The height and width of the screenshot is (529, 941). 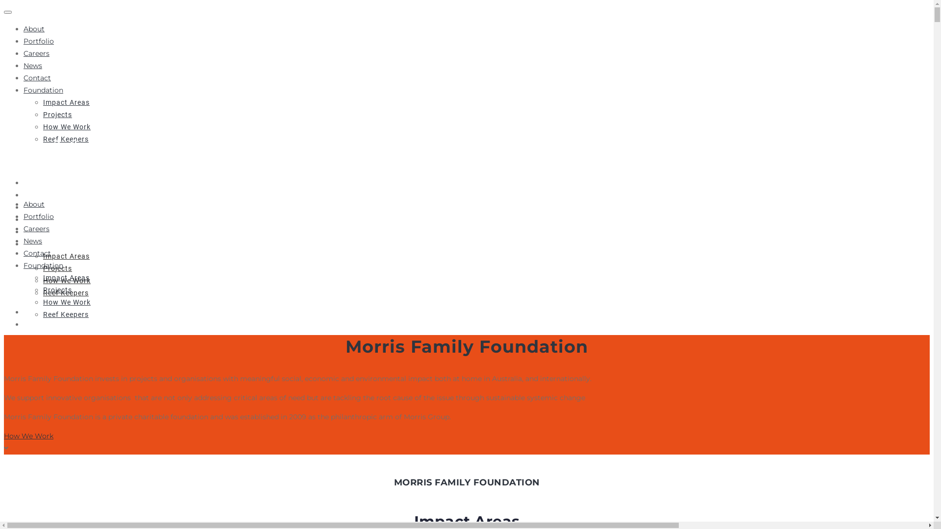 What do you see at coordinates (66, 126) in the screenshot?
I see `'How We Work'` at bounding box center [66, 126].